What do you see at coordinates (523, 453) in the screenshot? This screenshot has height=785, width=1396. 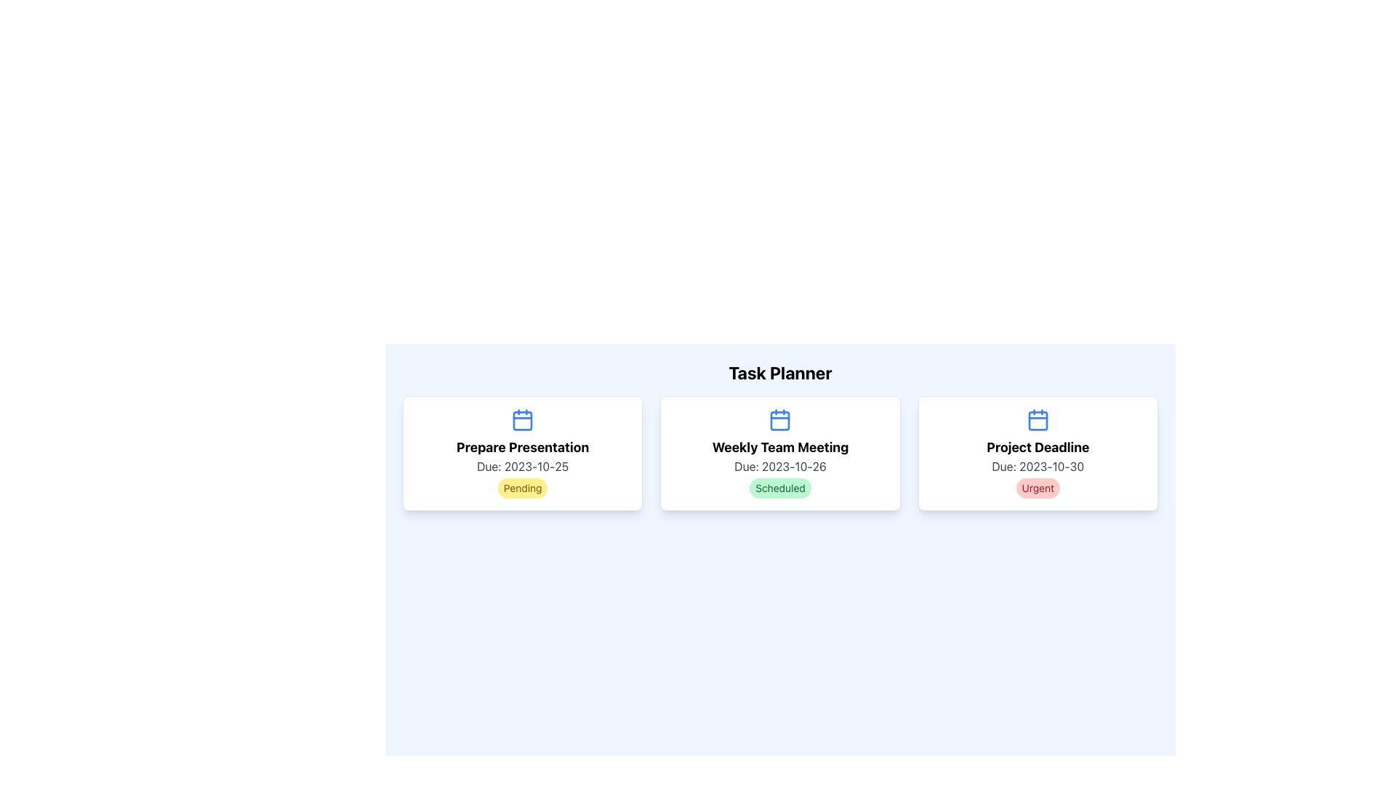 I see `the task overview card located at the top-left segment of the grid layout to see context options` at bounding box center [523, 453].